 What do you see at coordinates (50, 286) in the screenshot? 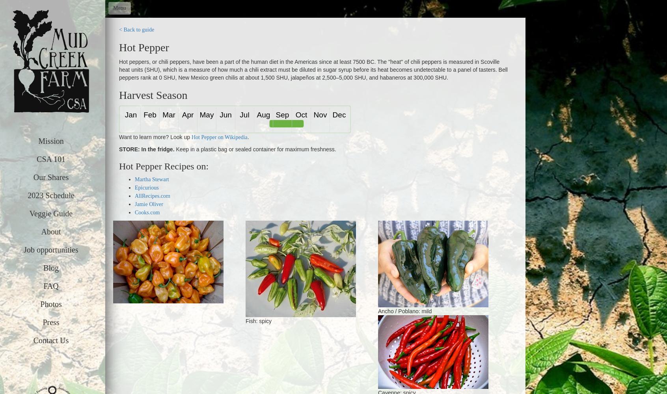
I see `'FAQ'` at bounding box center [50, 286].